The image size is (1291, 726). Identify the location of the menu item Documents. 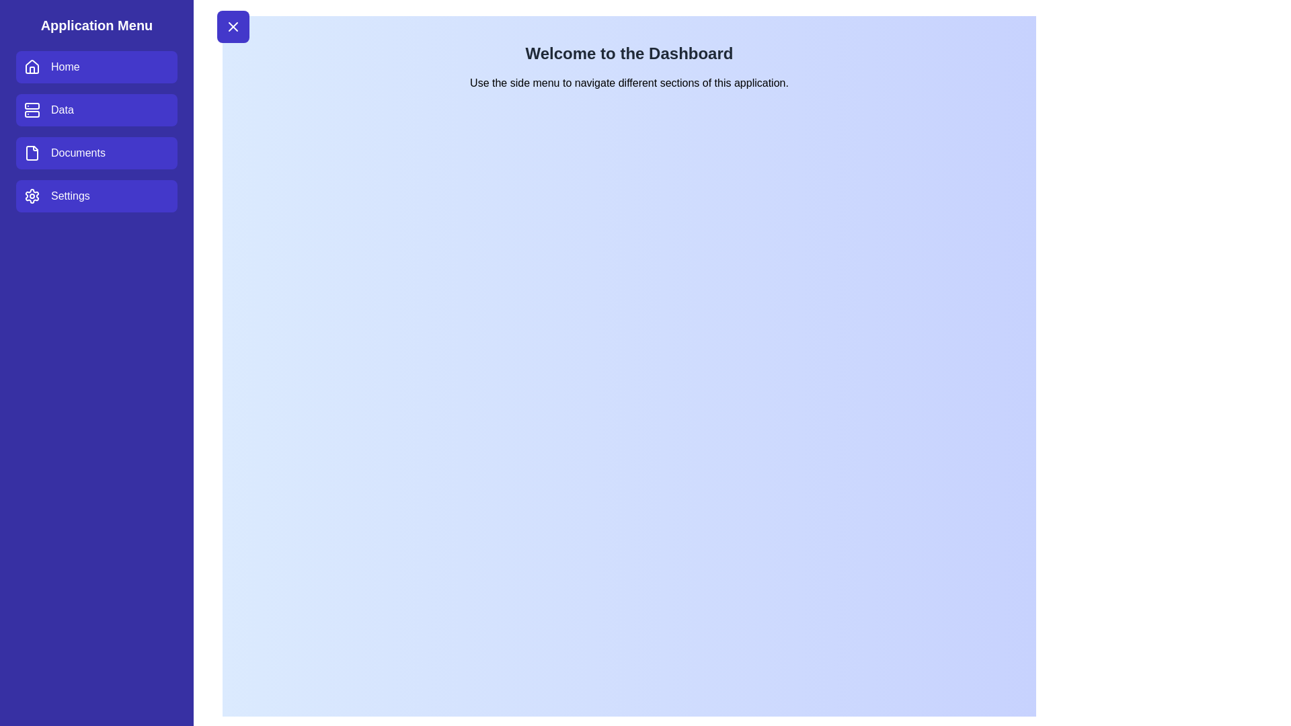
(96, 152).